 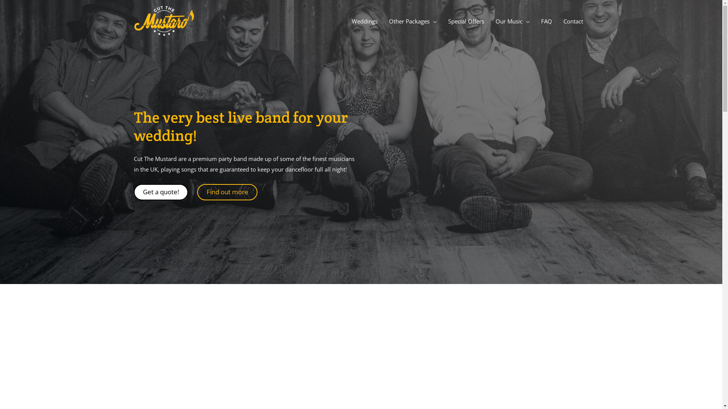 What do you see at coordinates (364, 20) in the screenshot?
I see `'Weddings'` at bounding box center [364, 20].